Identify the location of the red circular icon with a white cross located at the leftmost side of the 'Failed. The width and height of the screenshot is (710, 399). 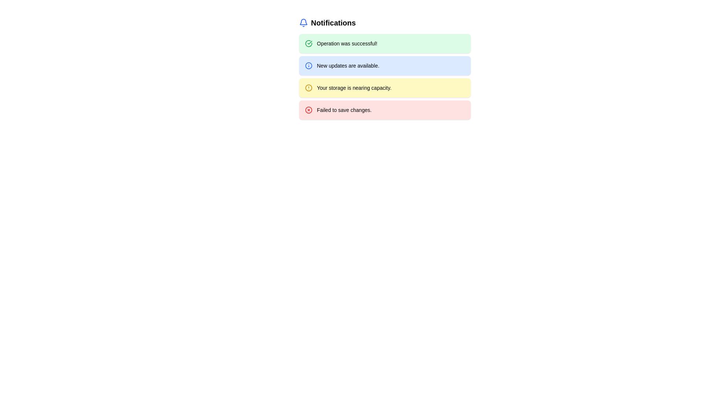
(309, 110).